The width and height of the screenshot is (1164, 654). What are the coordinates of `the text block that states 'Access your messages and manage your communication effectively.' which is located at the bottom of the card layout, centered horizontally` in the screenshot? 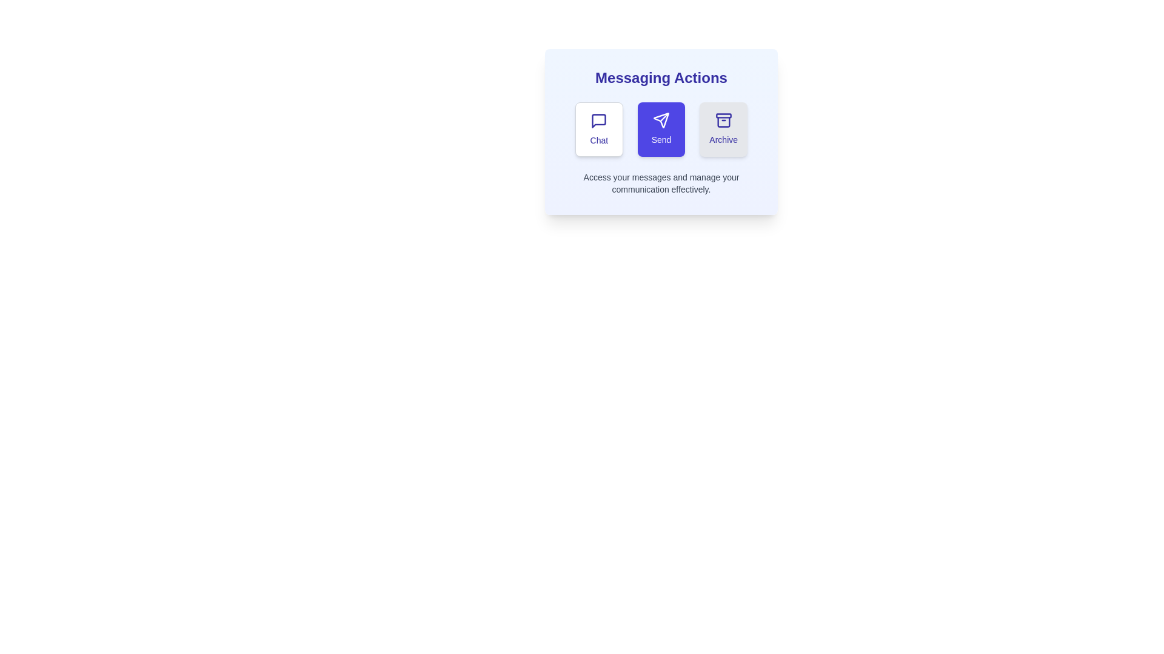 It's located at (660, 183).